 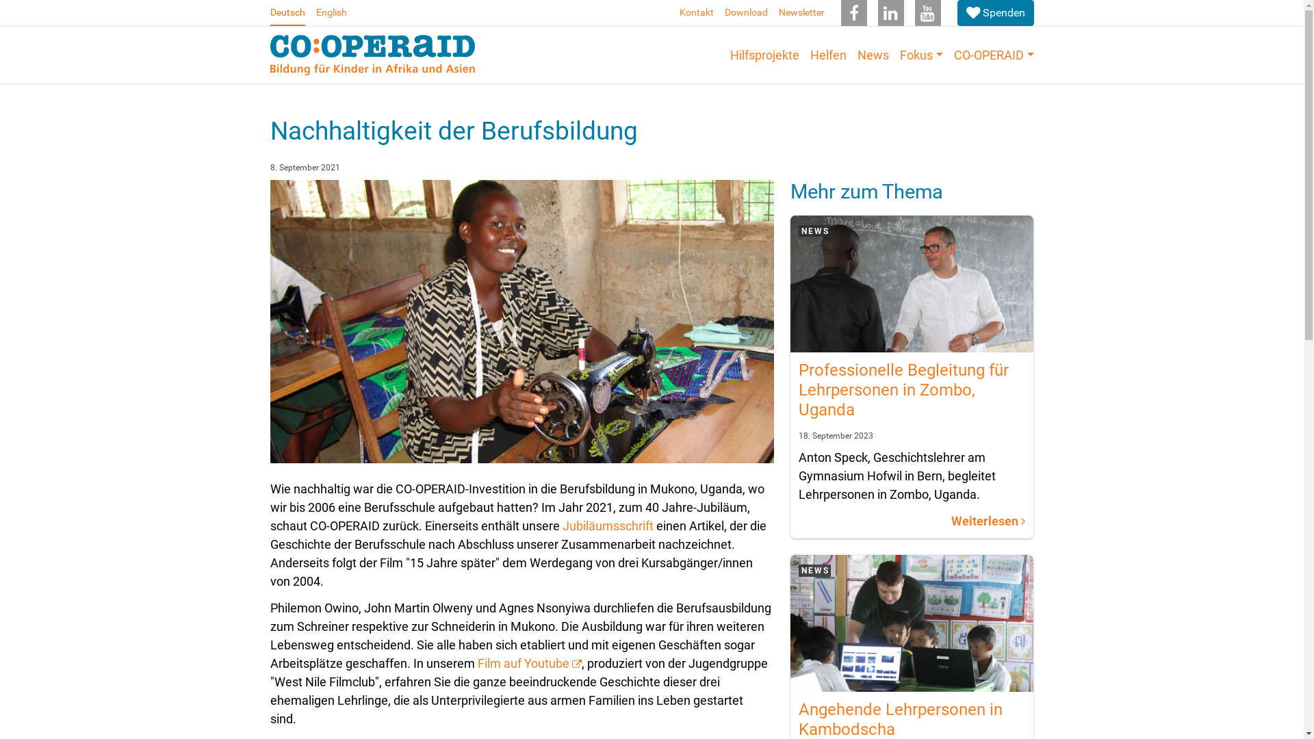 I want to click on 'Facebook', so click(x=853, y=13).